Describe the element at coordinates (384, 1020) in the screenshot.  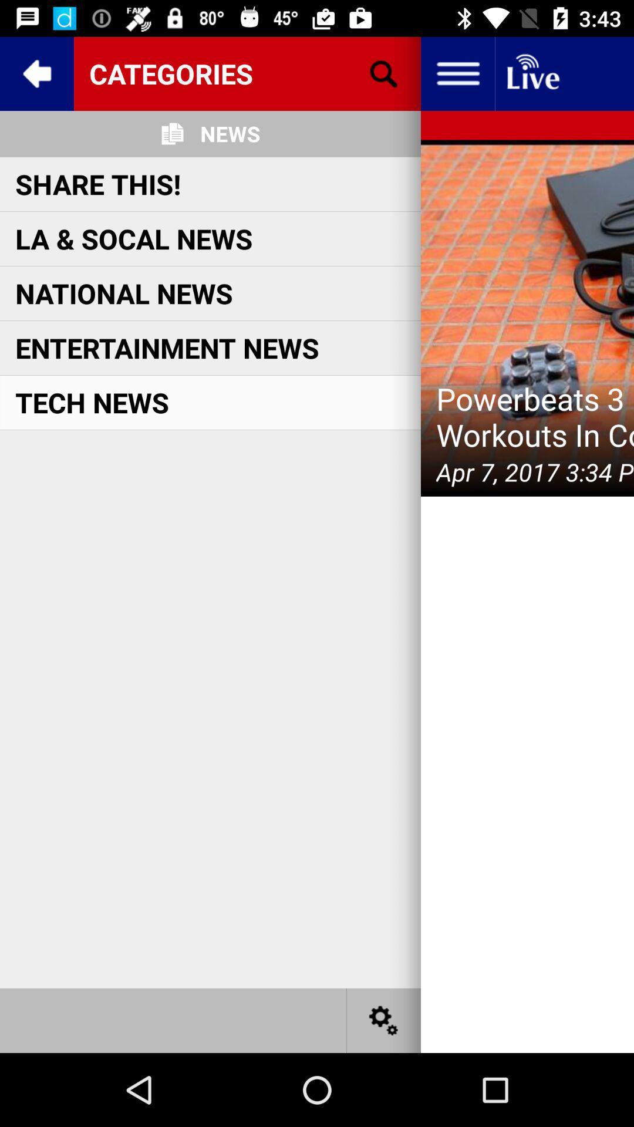
I see `settings` at that location.